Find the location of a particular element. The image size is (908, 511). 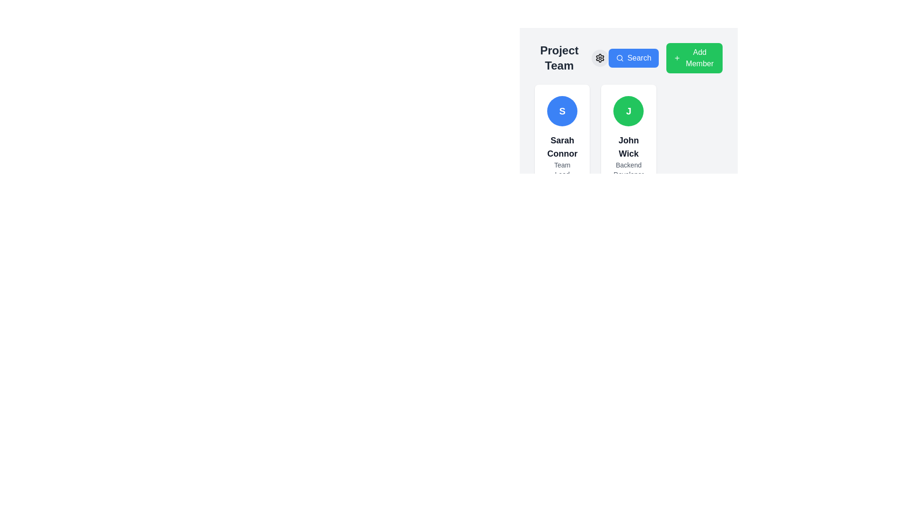

the magnifying glass icon which is part of the 'Search' button, located at the top right of the 'Project Team' section is located at coordinates (620, 58).